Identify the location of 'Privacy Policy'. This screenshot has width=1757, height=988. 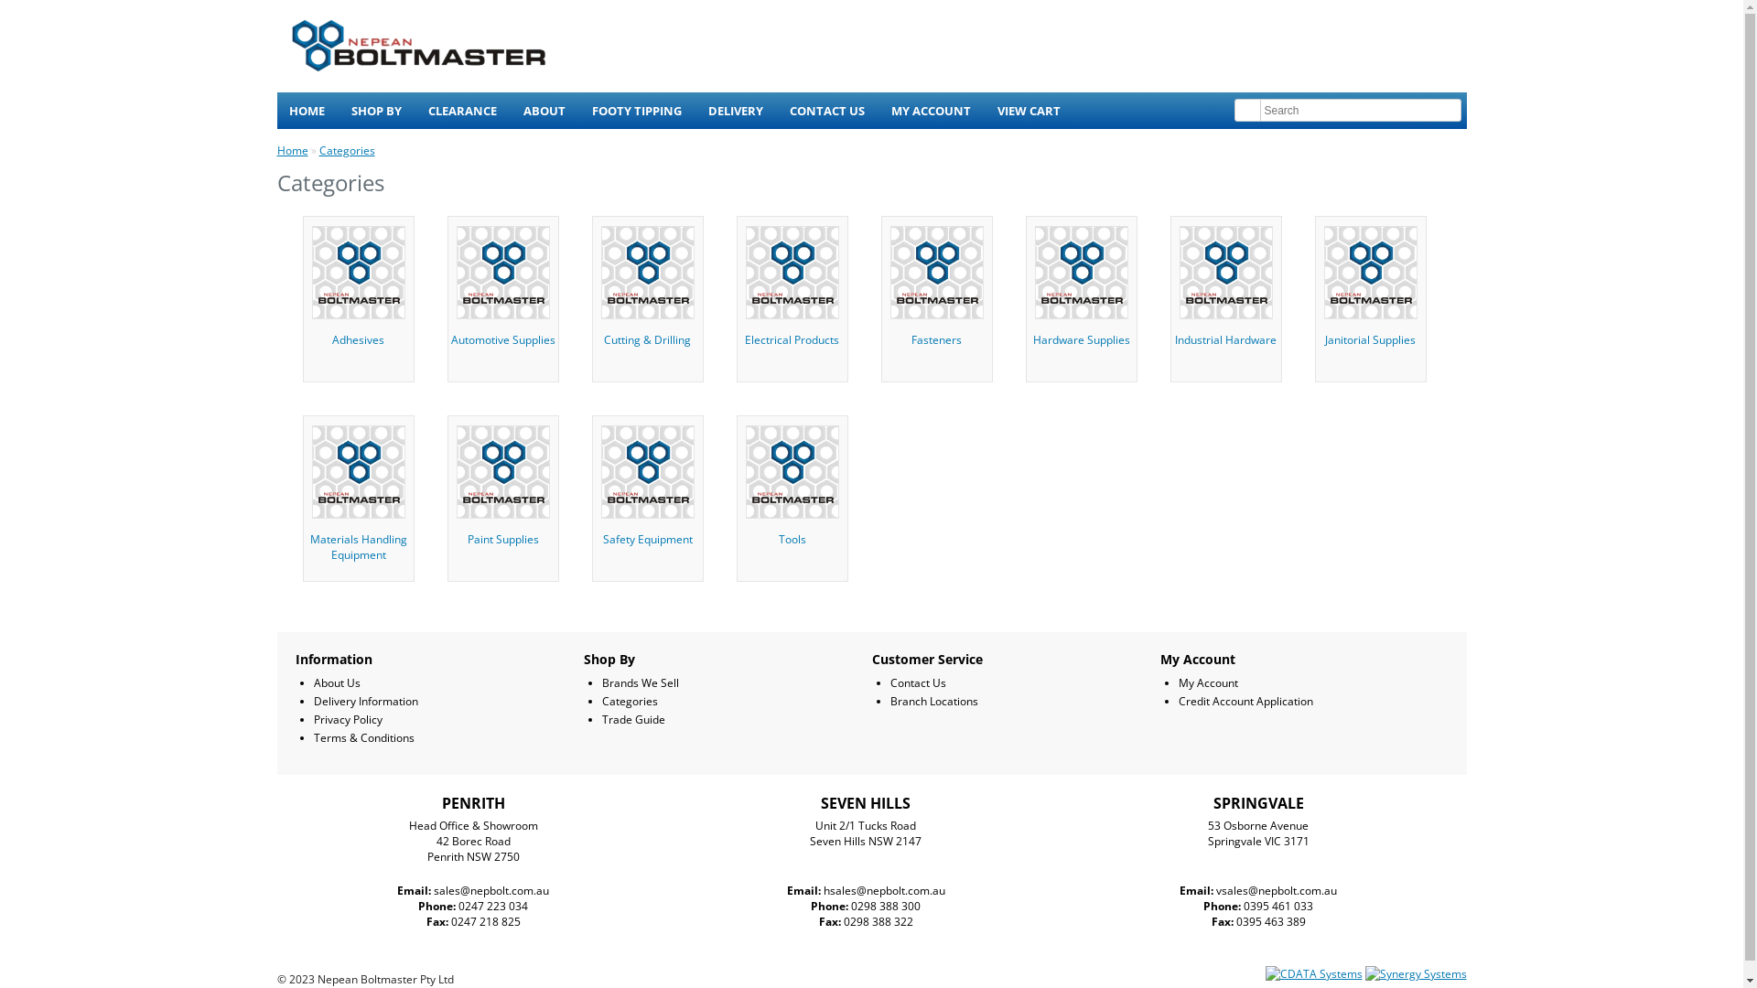
(347, 718).